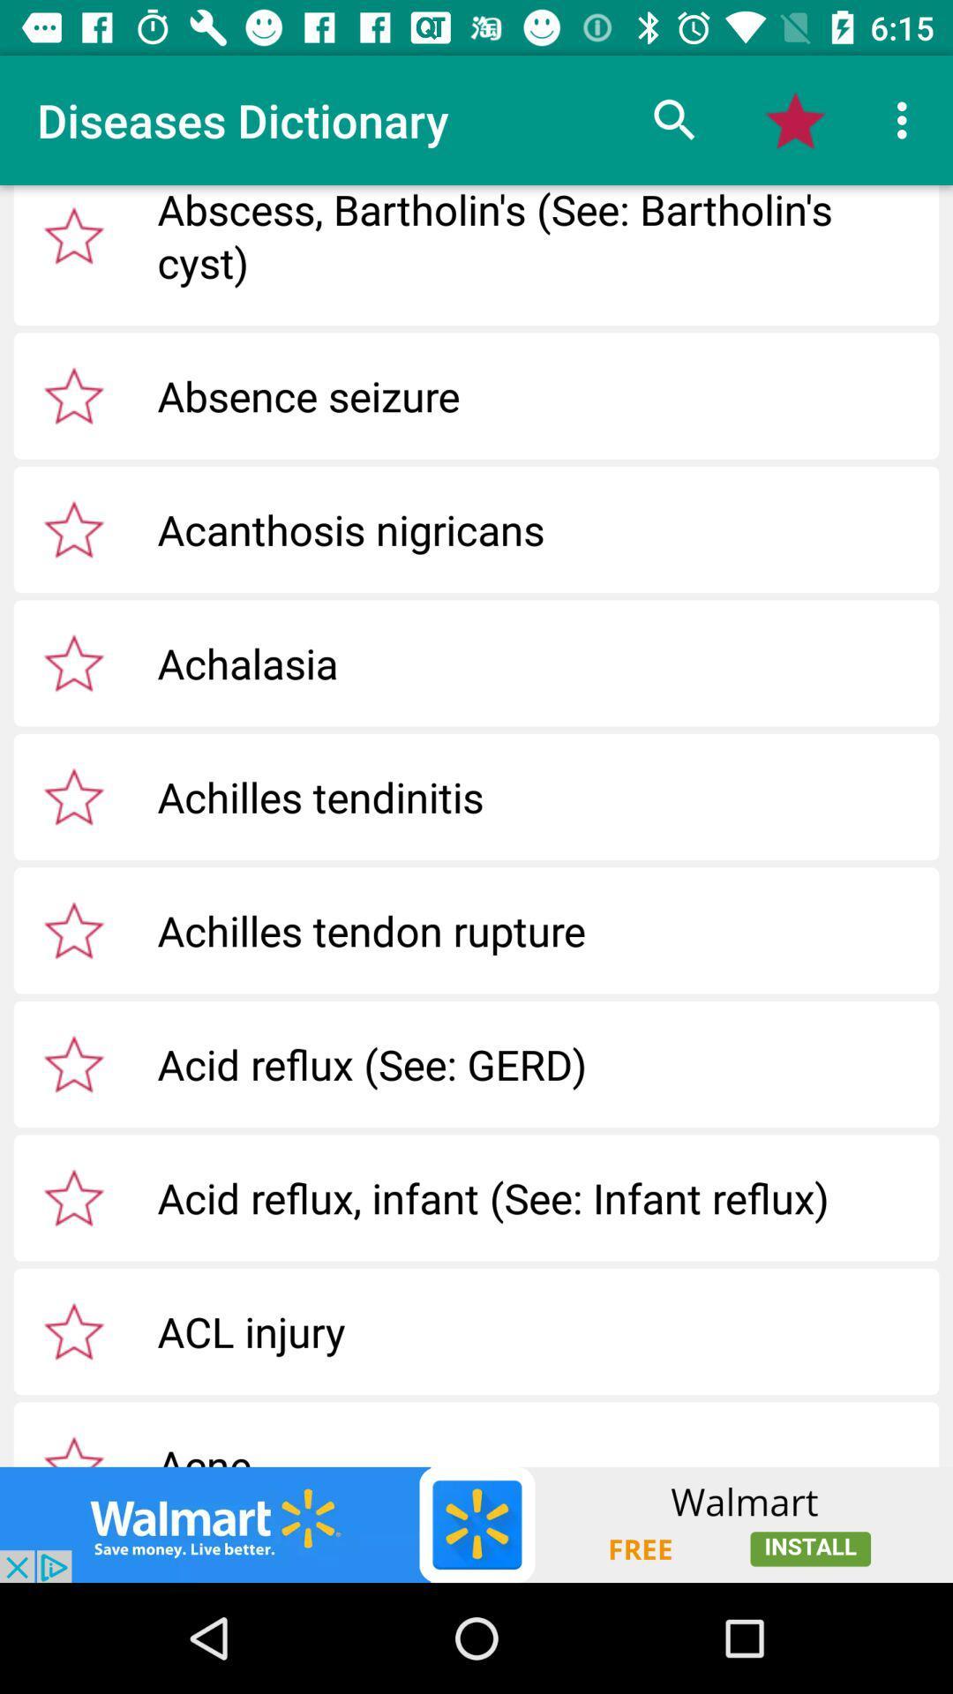  I want to click on item, so click(73, 528).